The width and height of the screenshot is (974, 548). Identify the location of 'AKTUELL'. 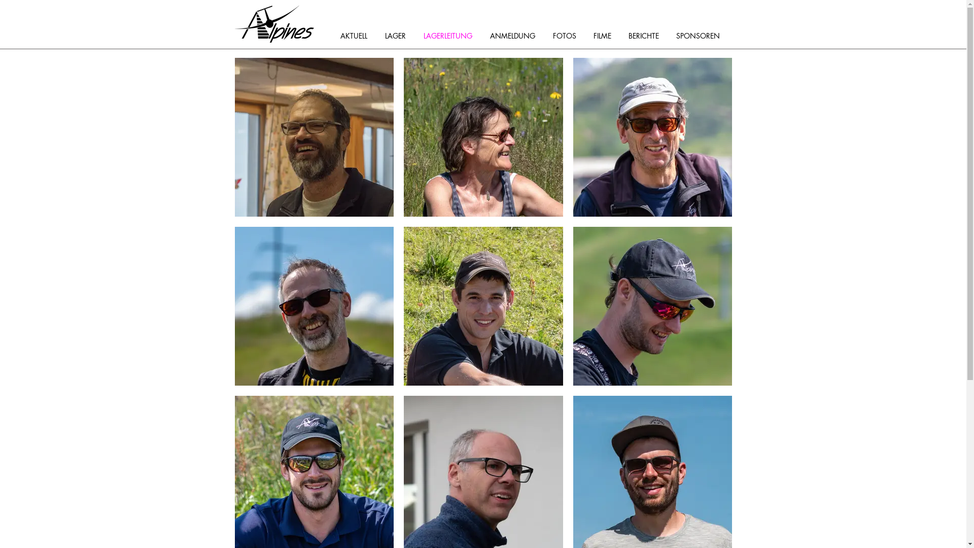
(357, 35).